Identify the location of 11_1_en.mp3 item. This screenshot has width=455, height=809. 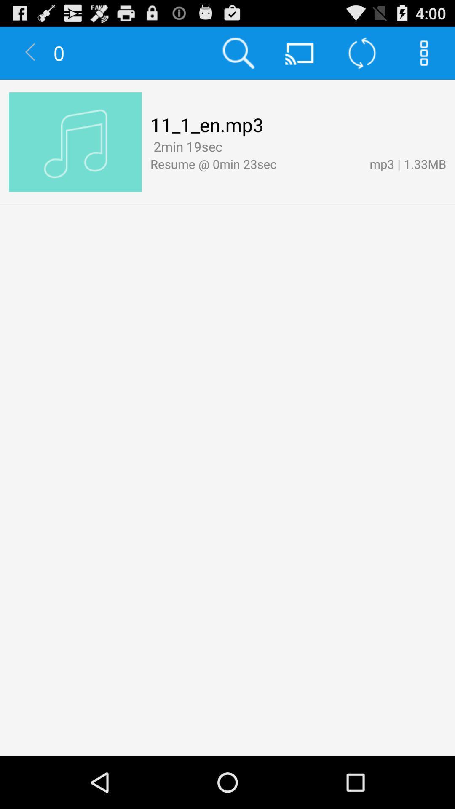
(207, 124).